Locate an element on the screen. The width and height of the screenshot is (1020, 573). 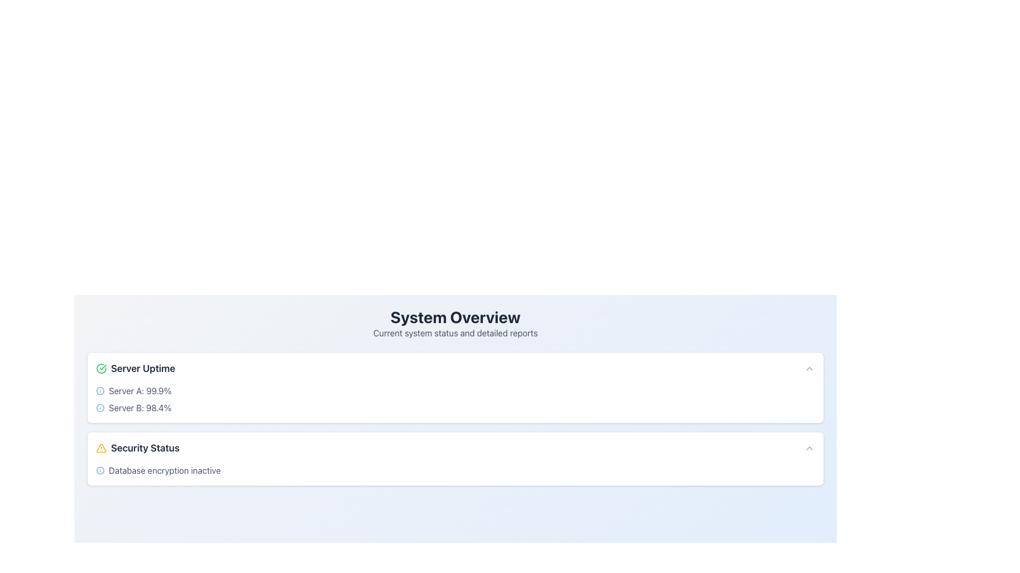
the upward-pointing chevron-shaped icon located at the far-right side of the 'Security Status' panel is located at coordinates (809, 448).